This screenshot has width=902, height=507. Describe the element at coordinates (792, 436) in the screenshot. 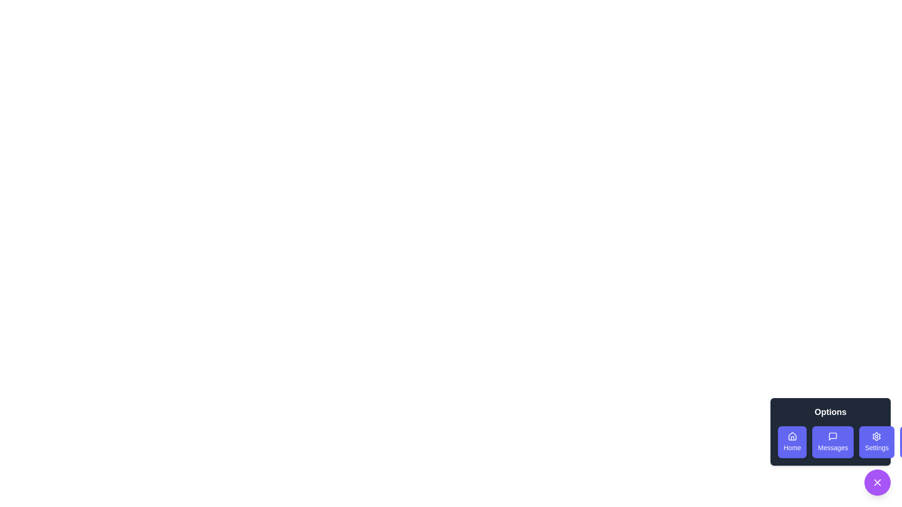

I see `the house icon` at that location.